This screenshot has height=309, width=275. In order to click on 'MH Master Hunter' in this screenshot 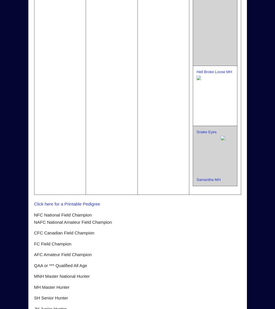, I will do `click(34, 287)`.